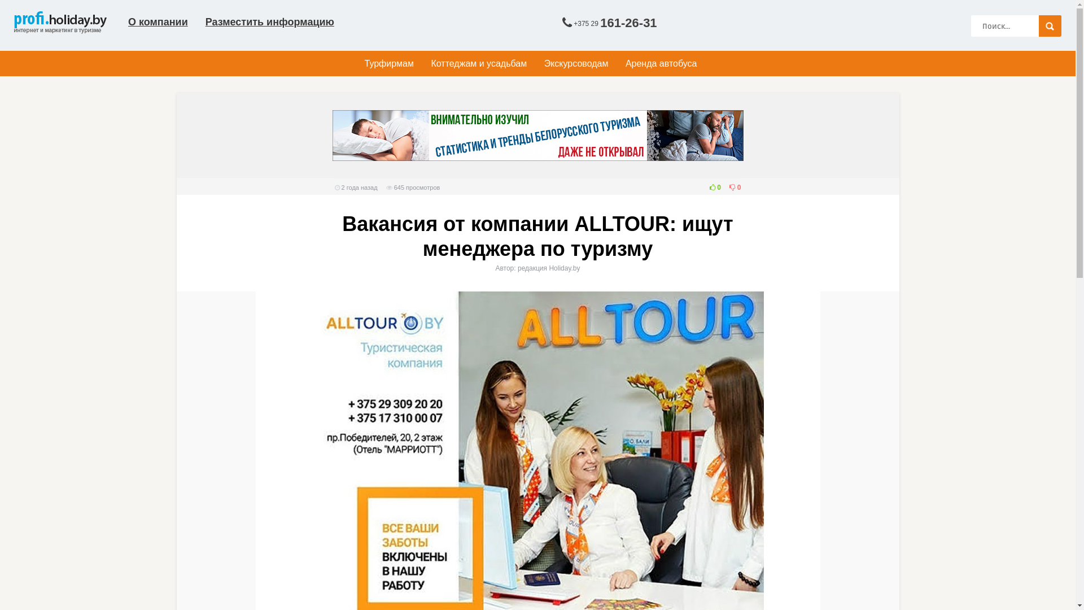 The width and height of the screenshot is (1084, 610). I want to click on '0', so click(712, 186).